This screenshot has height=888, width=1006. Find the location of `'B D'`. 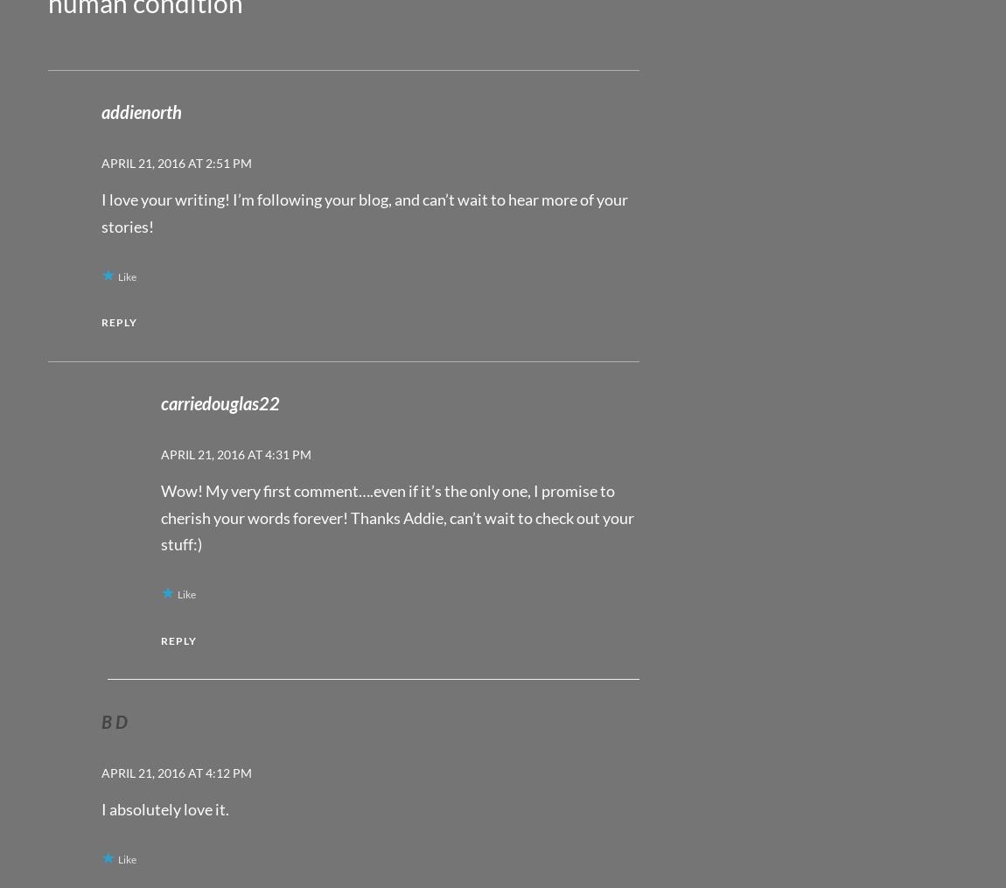

'B D' is located at coordinates (113, 720).